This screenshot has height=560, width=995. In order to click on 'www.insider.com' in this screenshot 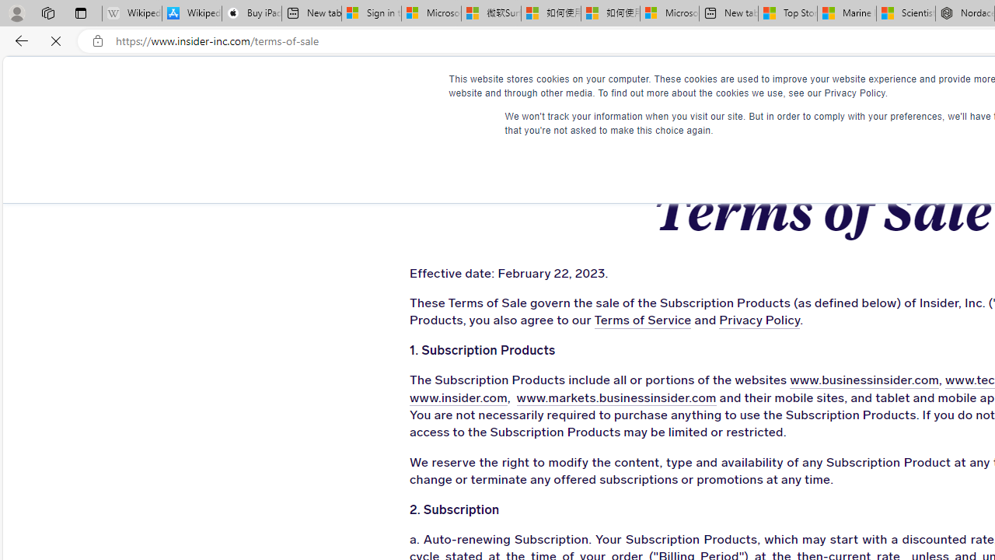, I will do `click(453, 397)`.